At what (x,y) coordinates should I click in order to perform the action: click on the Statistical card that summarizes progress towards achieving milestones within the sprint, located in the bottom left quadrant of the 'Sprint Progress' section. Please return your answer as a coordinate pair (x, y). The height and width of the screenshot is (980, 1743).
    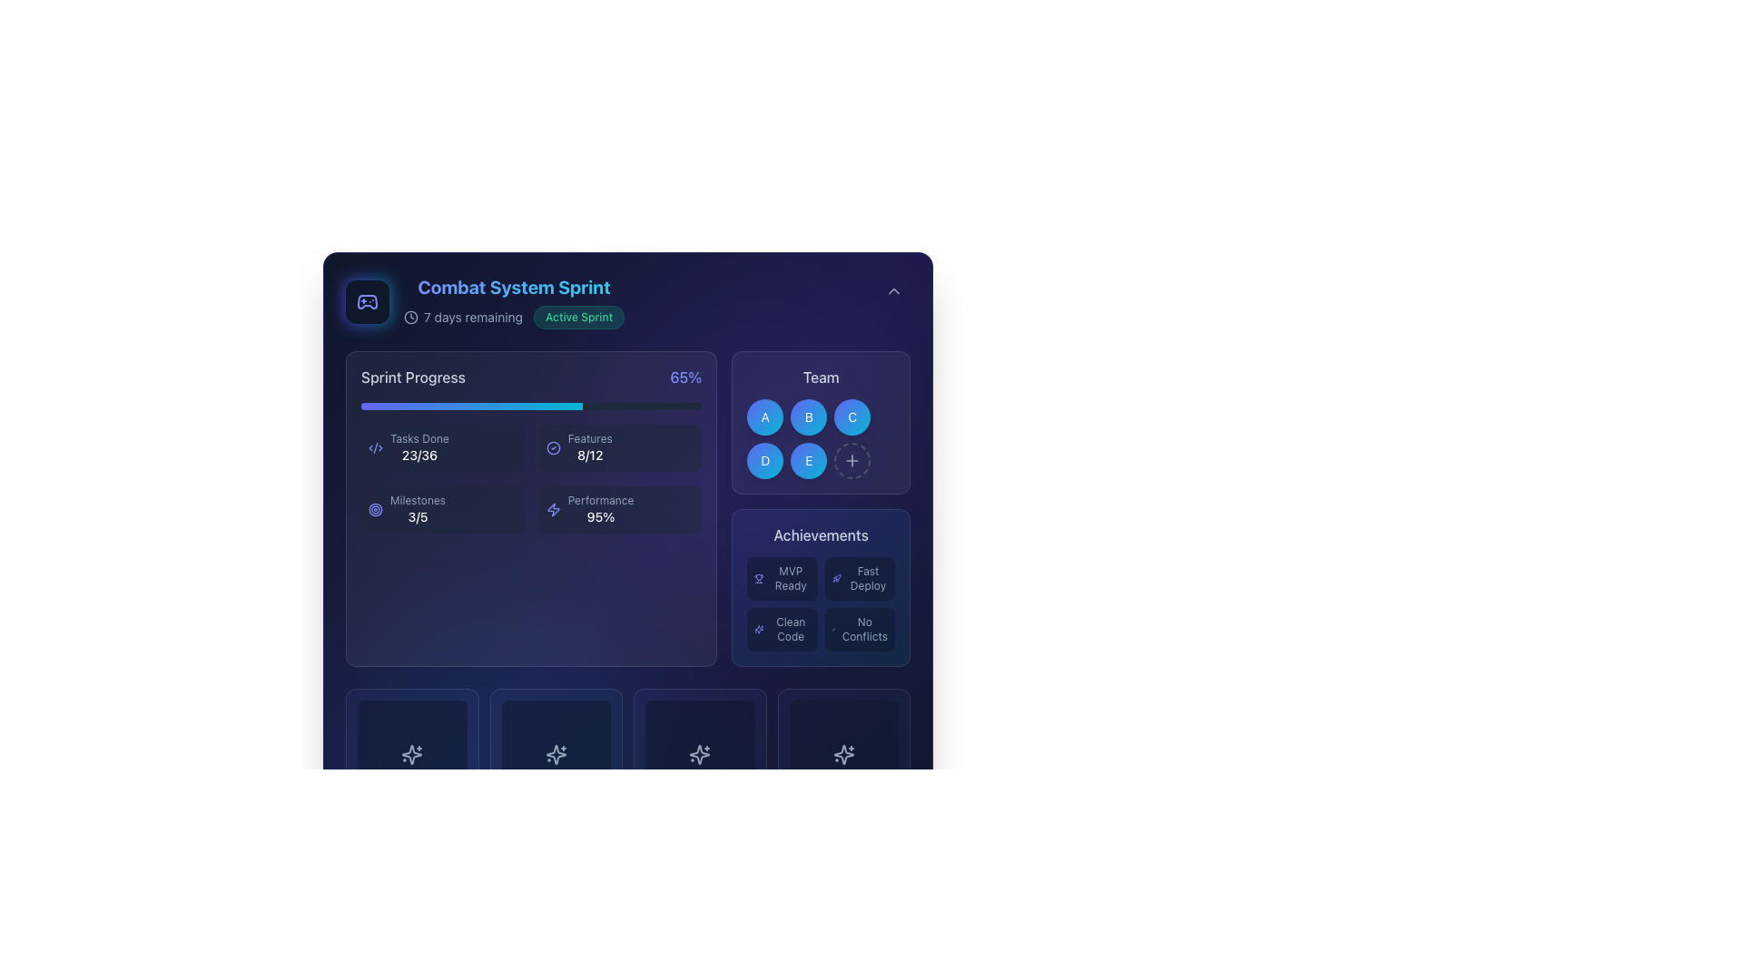
    Looking at the image, I should click on (442, 510).